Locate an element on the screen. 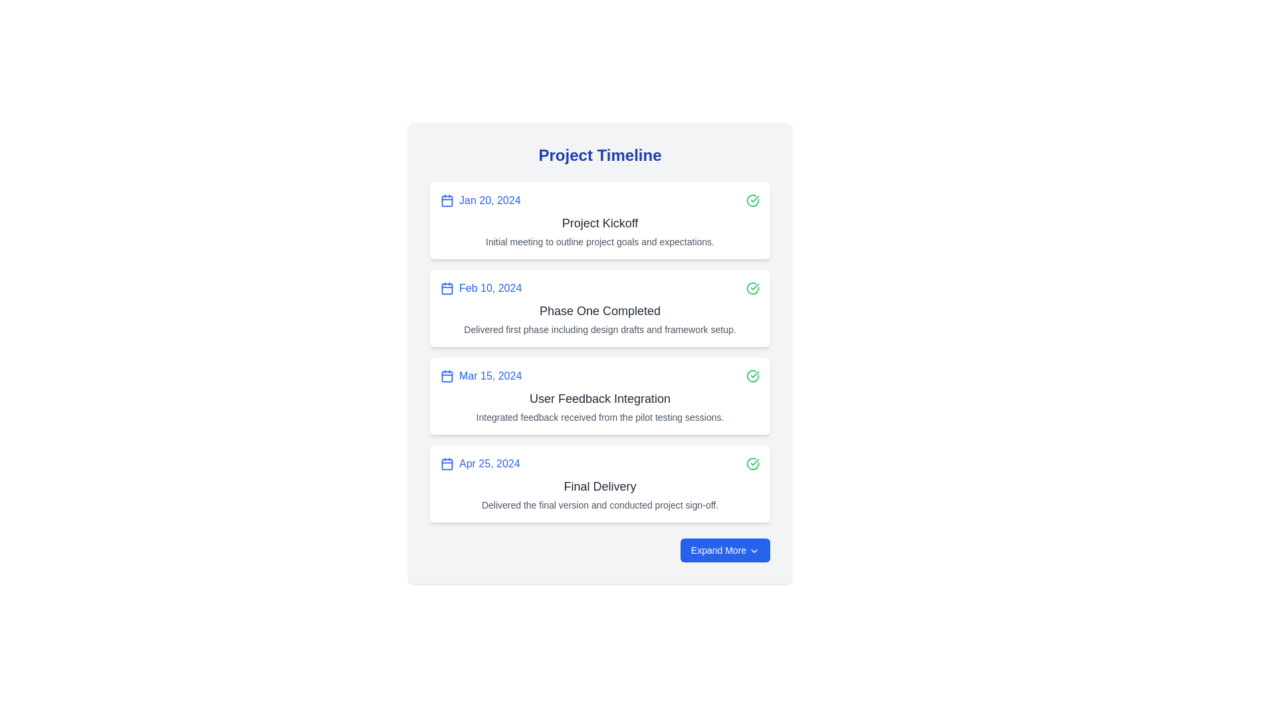 The width and height of the screenshot is (1276, 718). the calendar icon with a blue outline and white interior, located to the left of the text 'Mar 15, 2024', which is the third icon under 'Project Timeline' is located at coordinates (447, 376).